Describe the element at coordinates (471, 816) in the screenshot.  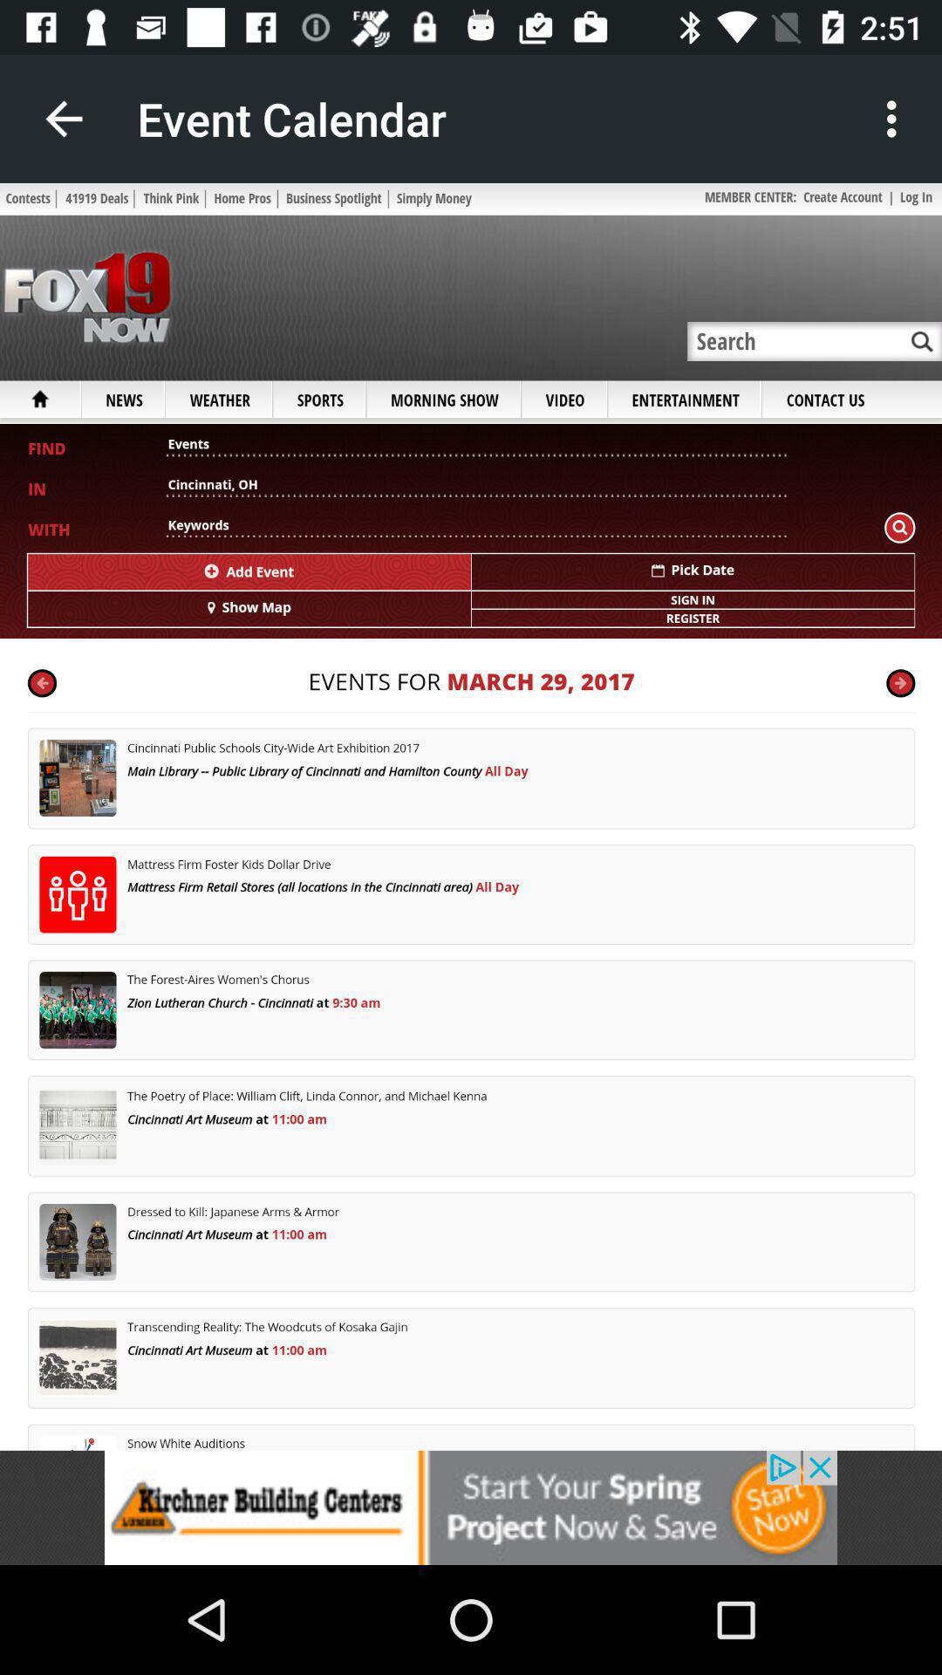
I see `open page` at that location.